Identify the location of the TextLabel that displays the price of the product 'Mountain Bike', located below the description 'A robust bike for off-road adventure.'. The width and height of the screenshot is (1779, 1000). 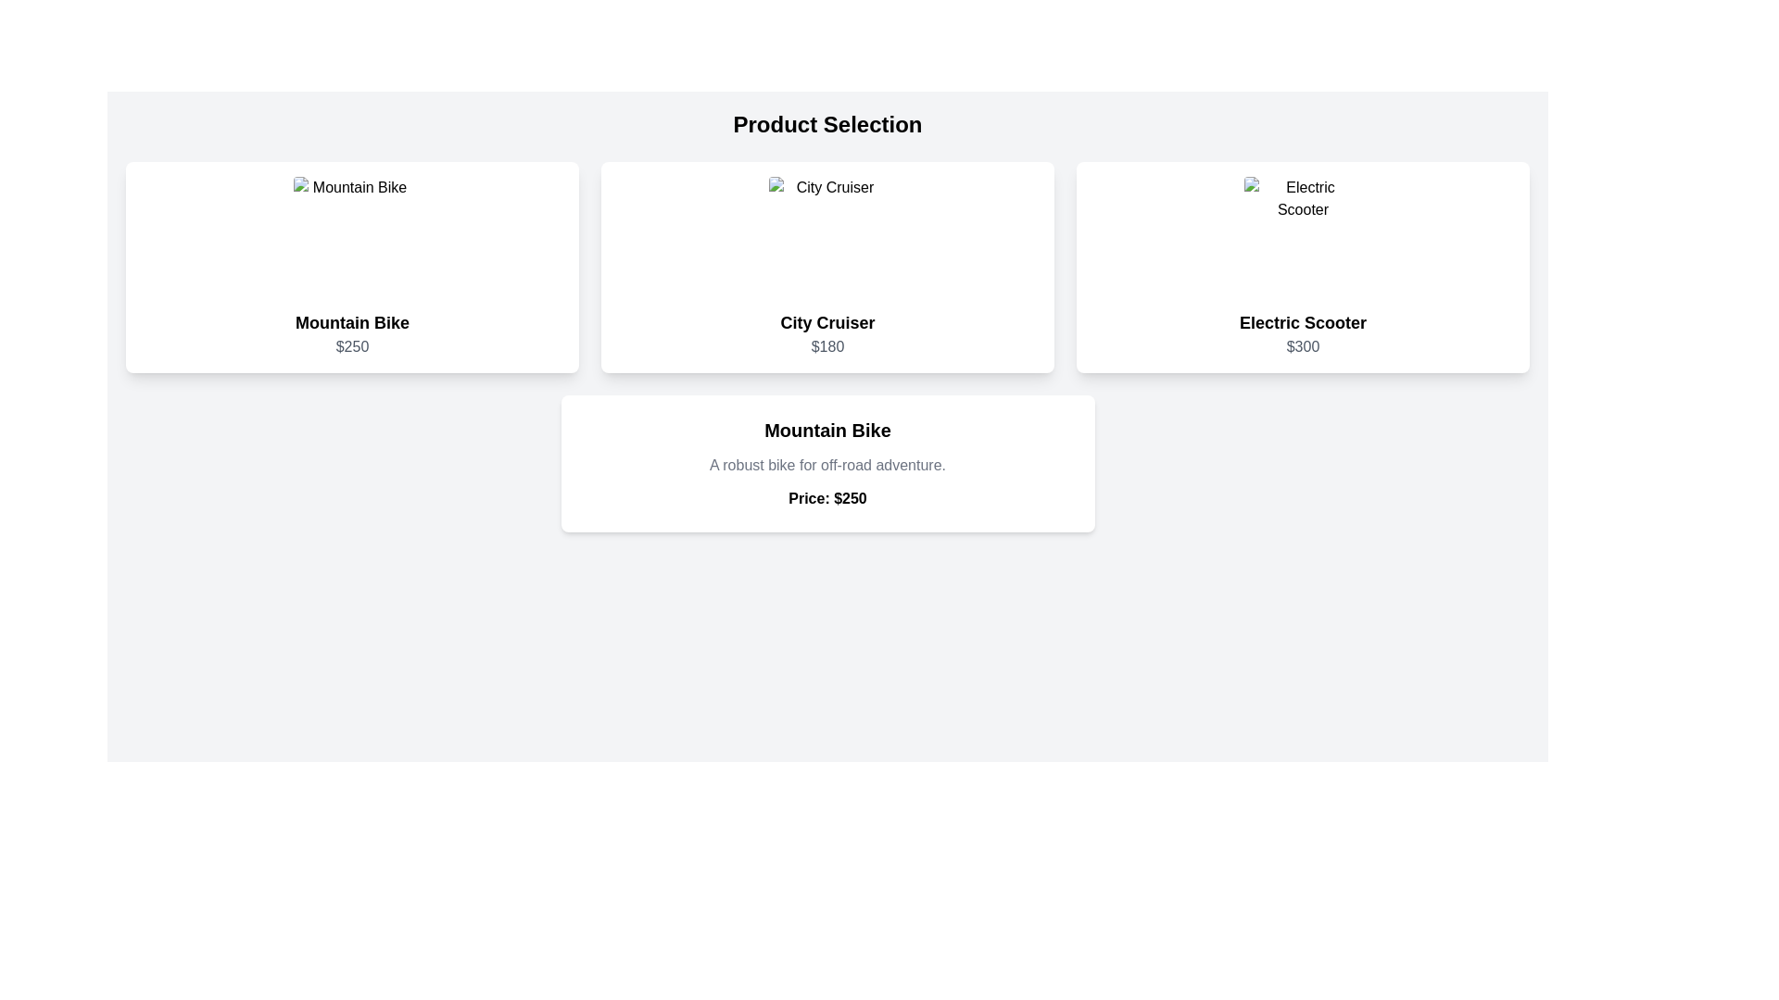
(826, 498).